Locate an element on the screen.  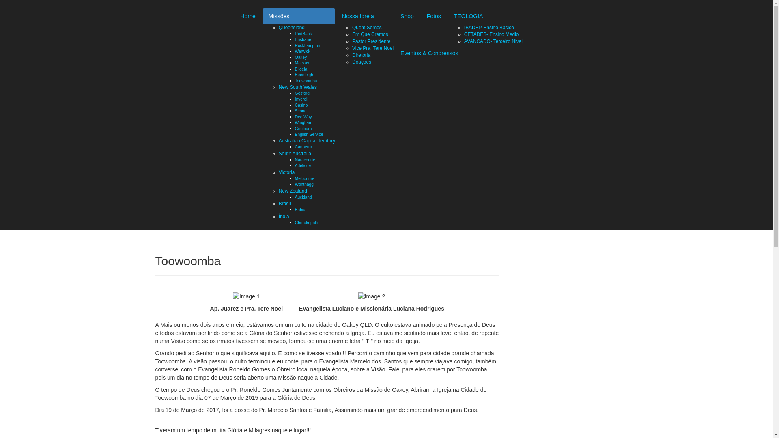
'Biloela' is located at coordinates (294, 69).